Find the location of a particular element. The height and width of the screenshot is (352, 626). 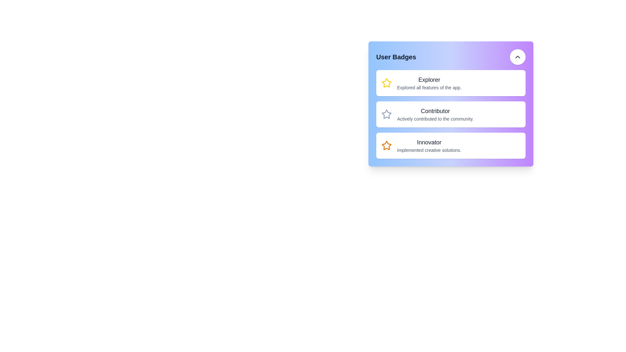

the 'Explorer' text label element, which is displayed in a medium-weight, large font size with a grayish-black color at the top section of the 'User Badges' card, just below the yellow star icon is located at coordinates (429, 80).